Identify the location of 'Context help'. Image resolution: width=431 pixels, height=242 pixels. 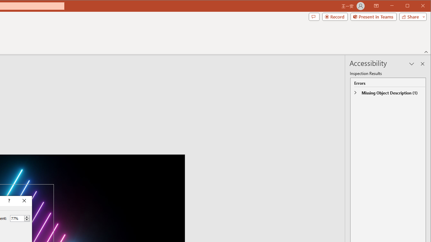
(8, 200).